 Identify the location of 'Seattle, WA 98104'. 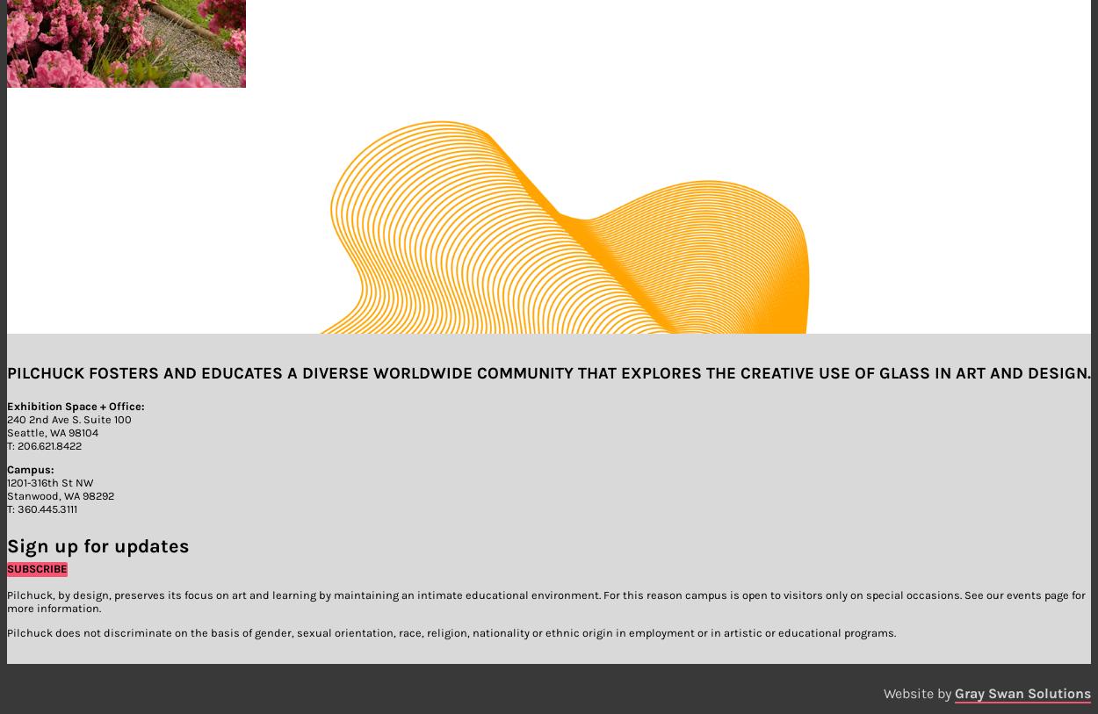
(7, 431).